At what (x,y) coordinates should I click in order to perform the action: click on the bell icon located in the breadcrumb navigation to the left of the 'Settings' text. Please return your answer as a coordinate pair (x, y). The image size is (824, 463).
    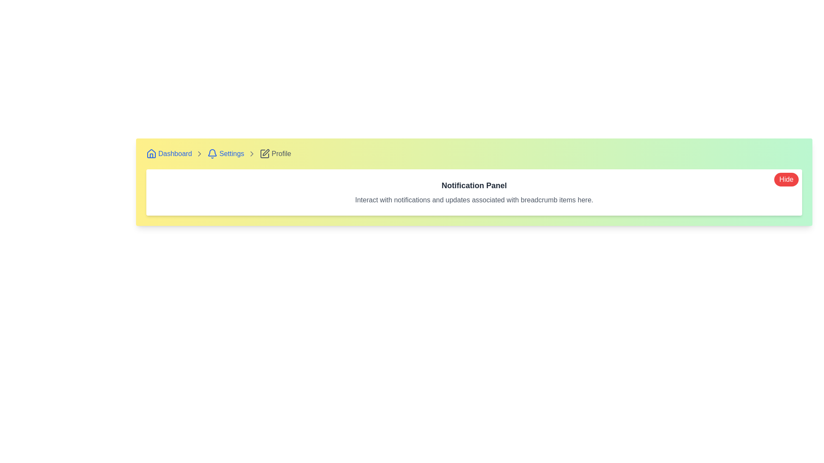
    Looking at the image, I should click on (212, 153).